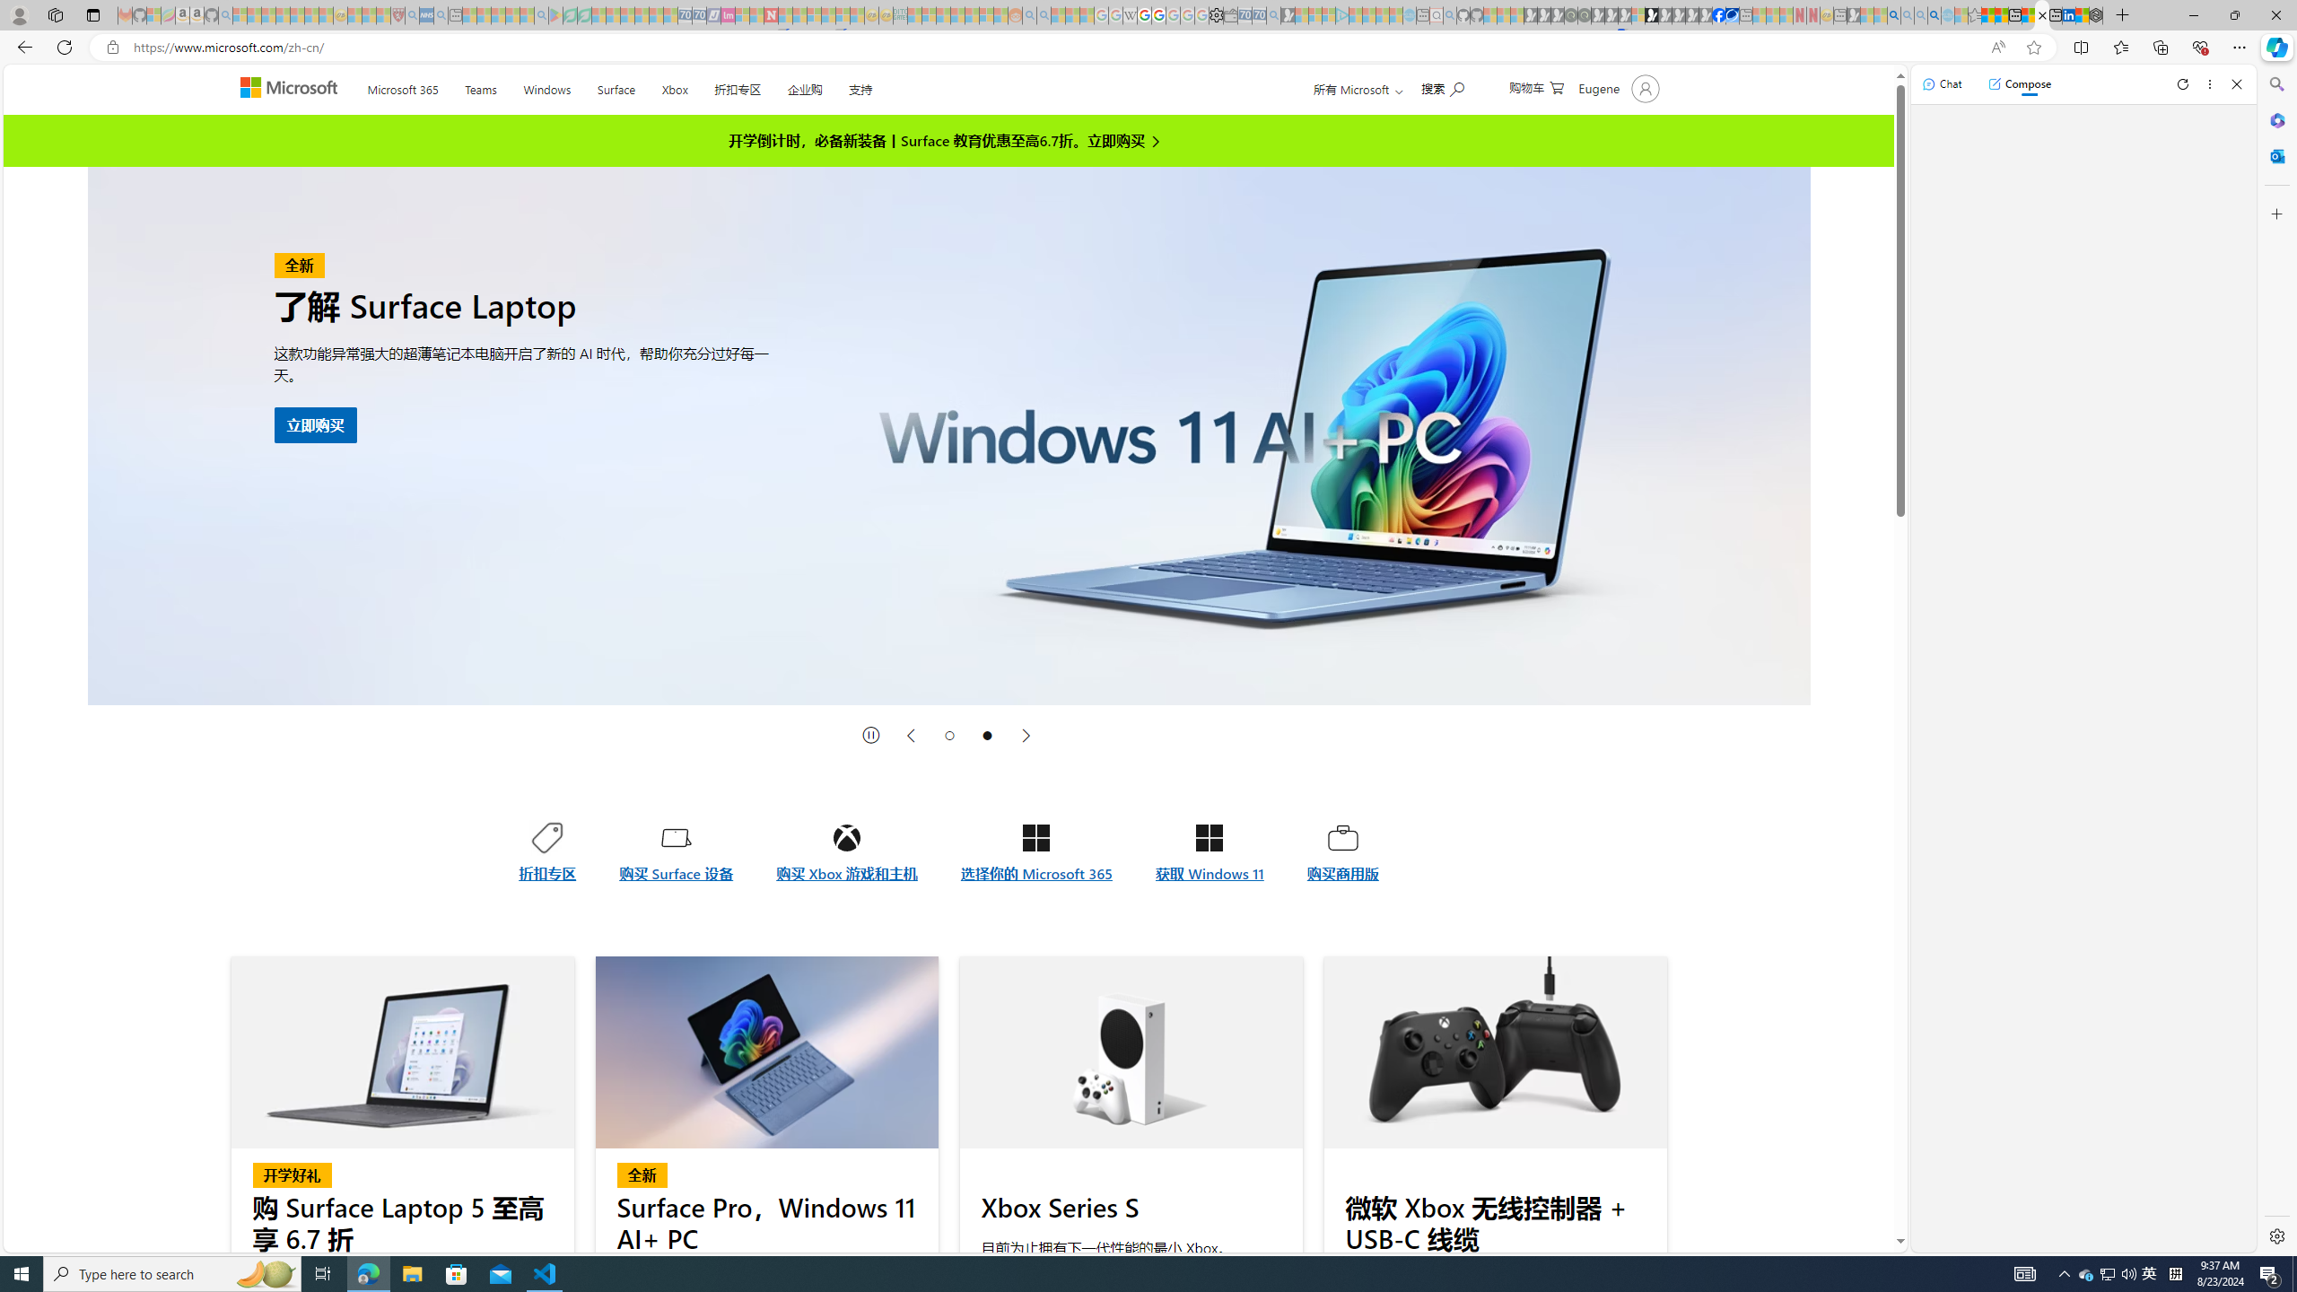 This screenshot has width=2297, height=1292. What do you see at coordinates (785, 14) in the screenshot?
I see `'Trusted Community Engagement and Contributions | Guidelines'` at bounding box center [785, 14].